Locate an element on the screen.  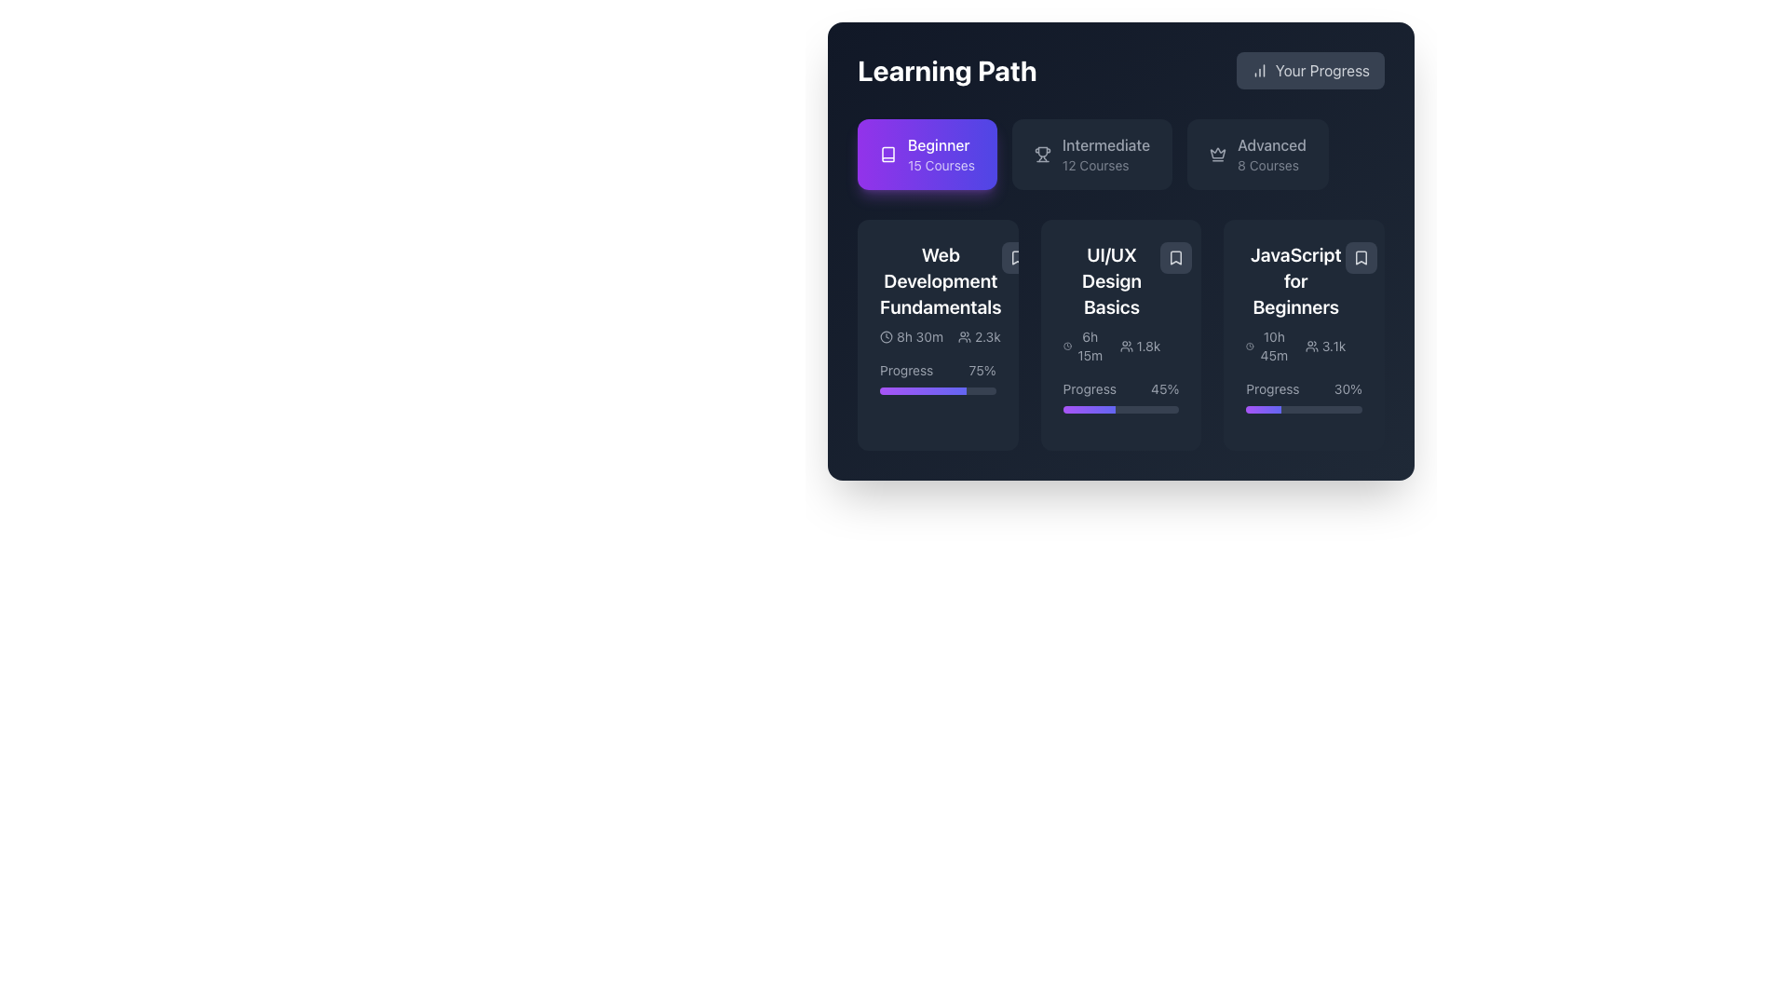
the group of people icon, which is styled in a minimalistic design with hollow lines and is located next to the numerical text '3.1k', above the 'Progress 30%' bar and to the right of '10h 45m' is located at coordinates (1310, 346).